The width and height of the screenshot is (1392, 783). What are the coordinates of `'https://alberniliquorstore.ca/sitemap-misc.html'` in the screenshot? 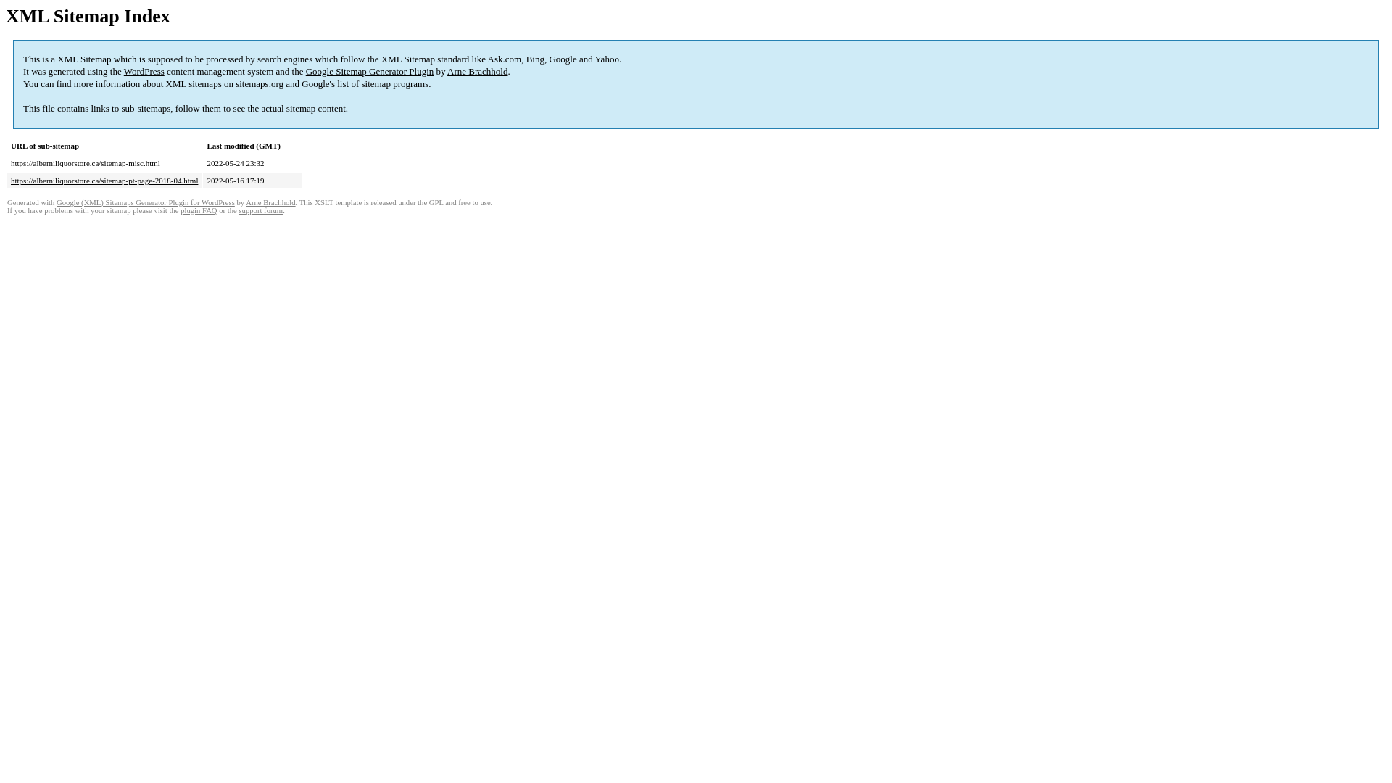 It's located at (10, 162).